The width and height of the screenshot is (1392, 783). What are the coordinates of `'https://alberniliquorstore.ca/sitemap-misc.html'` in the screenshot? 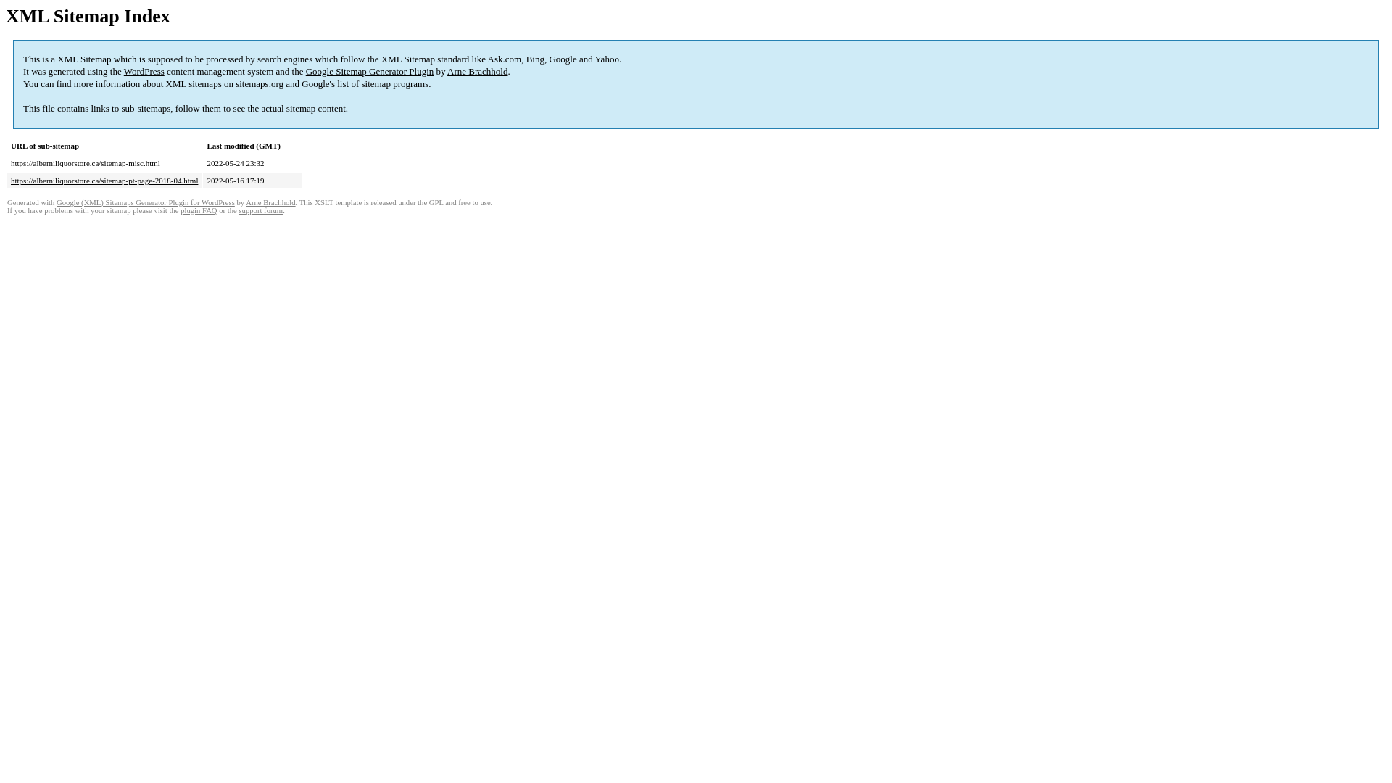 It's located at (10, 162).